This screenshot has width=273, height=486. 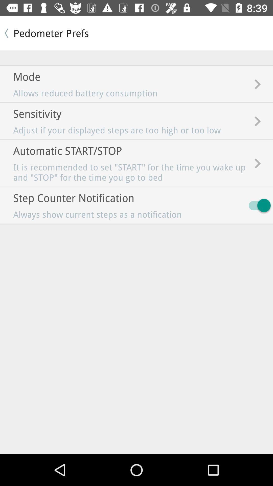 I want to click on the item next to always show current icon, so click(x=257, y=205).